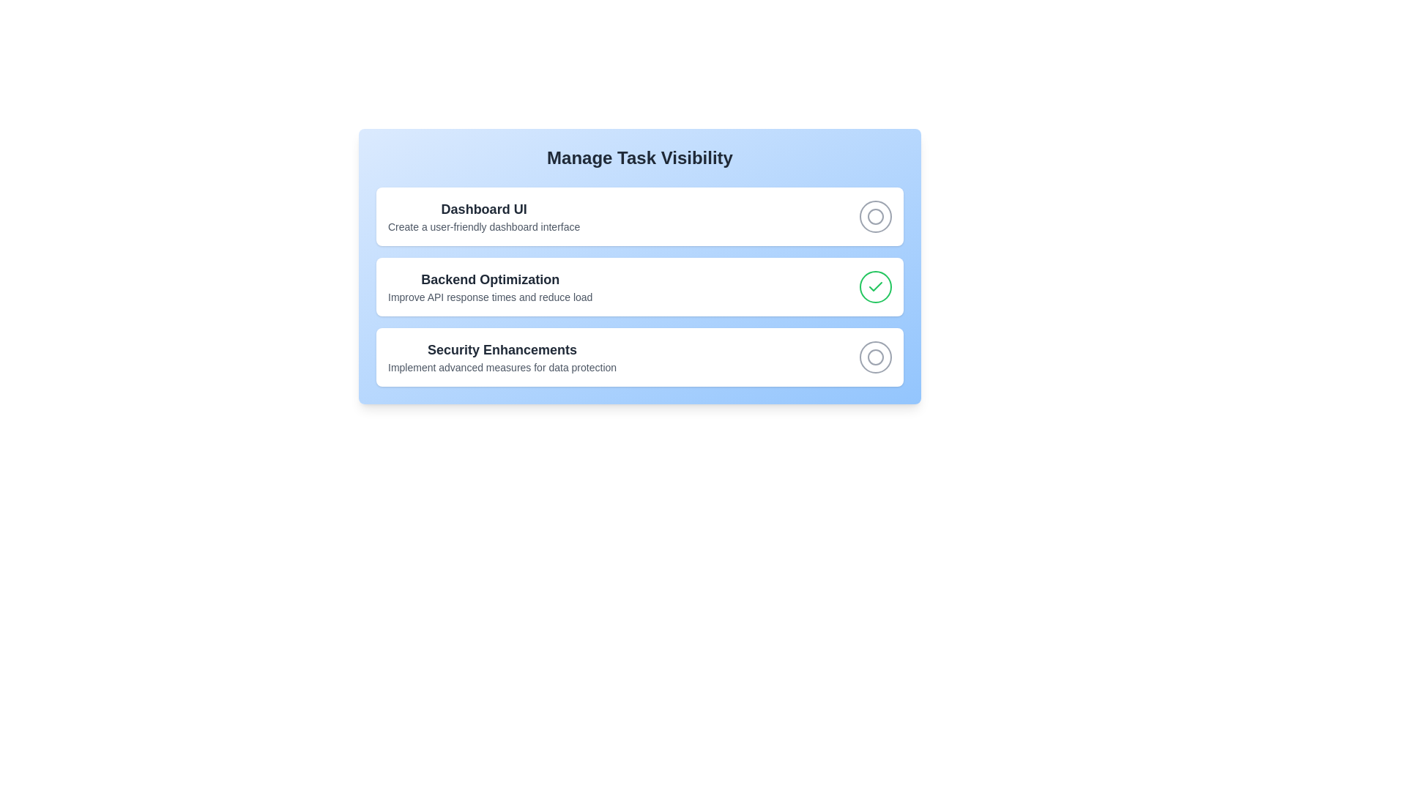 This screenshot has height=791, width=1406. What do you see at coordinates (502, 366) in the screenshot?
I see `the static text element that reads 'Implement advanced measures for data protection', which is styled with a small gray font and is located below the bold 'Security Enhancements' title` at bounding box center [502, 366].